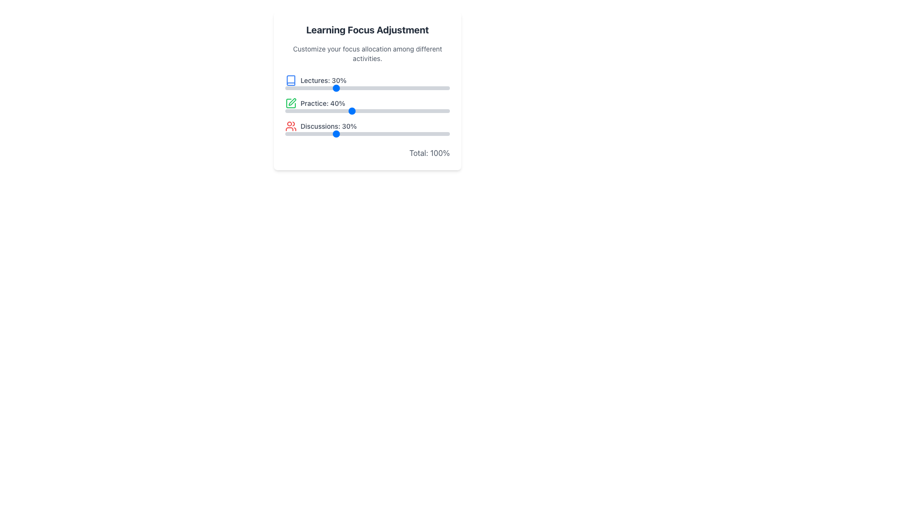 The image size is (916, 515). I want to click on the 'Practice' slider, so click(423, 110).